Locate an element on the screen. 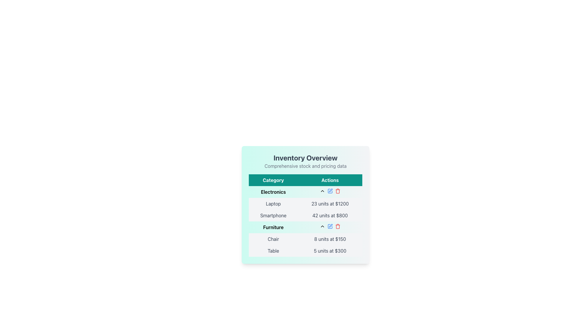 Image resolution: width=566 pixels, height=318 pixels. the 'Furniture' text label, which is prominently displayed in bold within a light background in the third row of the category table is located at coordinates (273, 227).